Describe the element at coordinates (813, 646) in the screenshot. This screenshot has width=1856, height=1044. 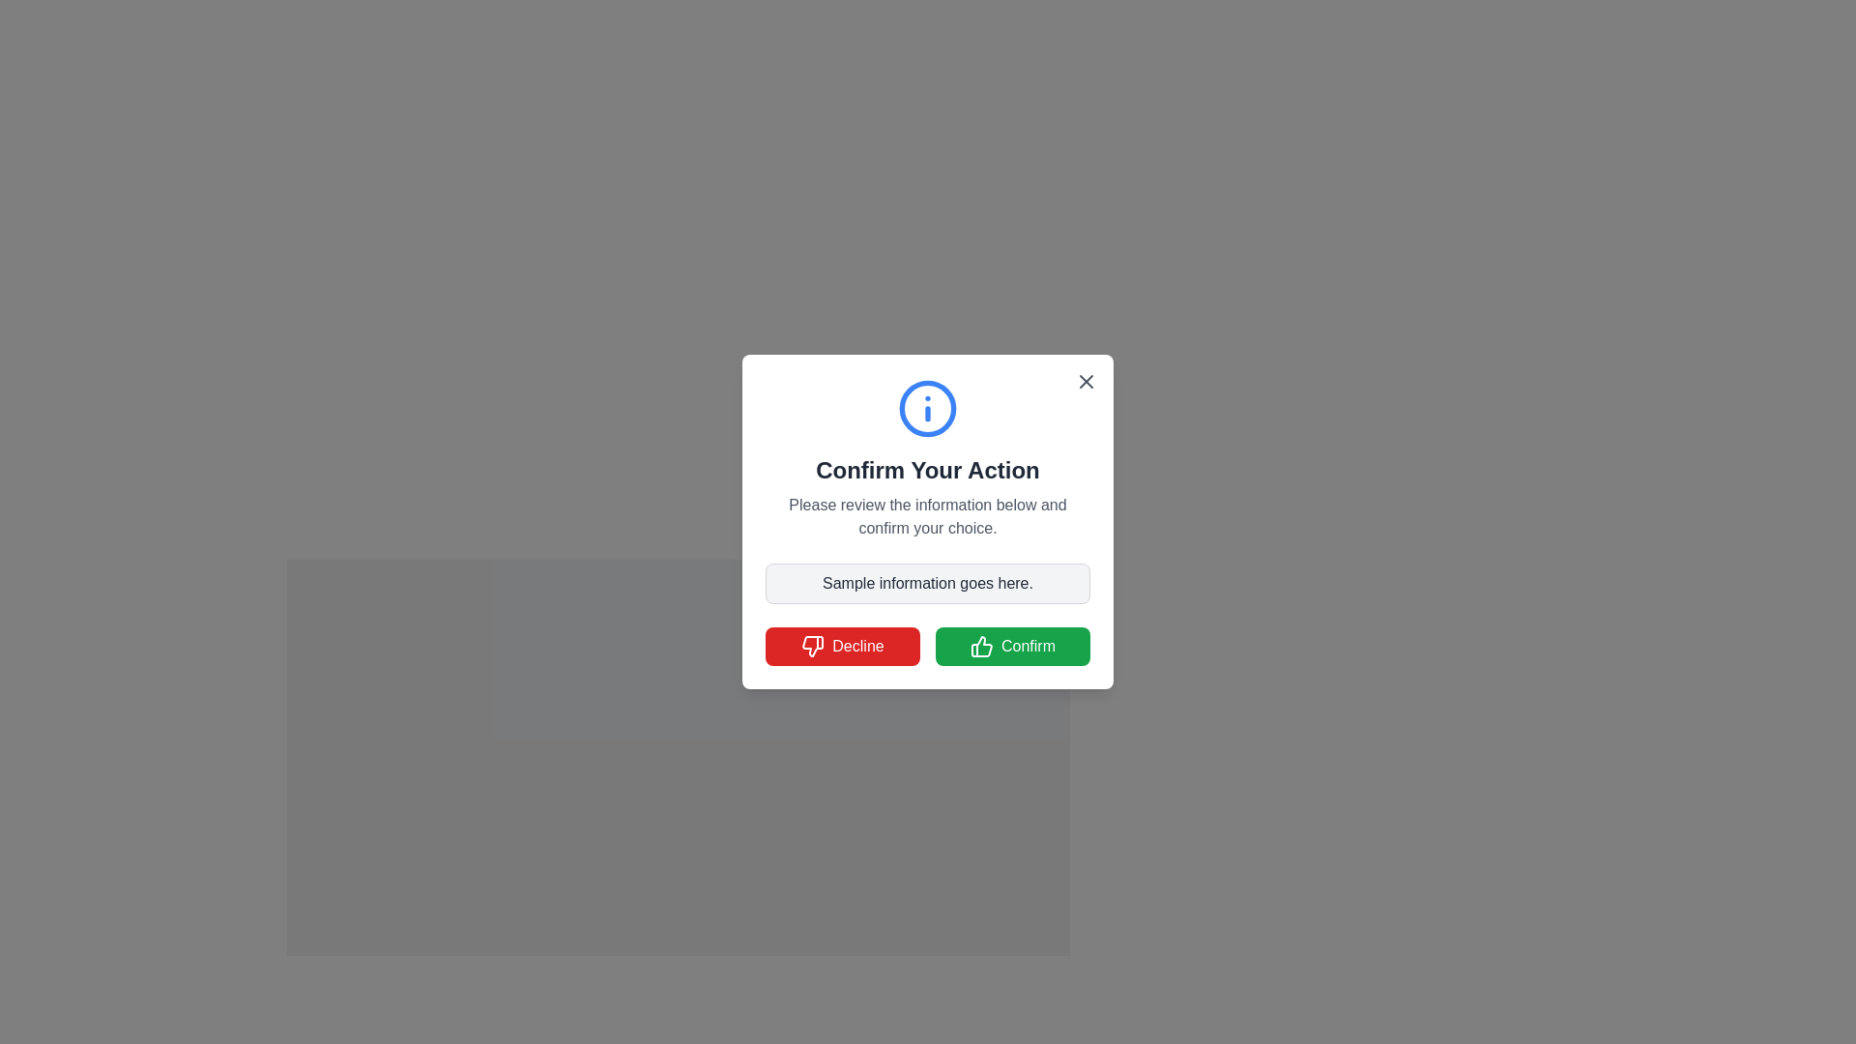
I see `the 'Decline' button which features a 'thumbs down' icon located at the bottom left of the modal dialog` at that location.